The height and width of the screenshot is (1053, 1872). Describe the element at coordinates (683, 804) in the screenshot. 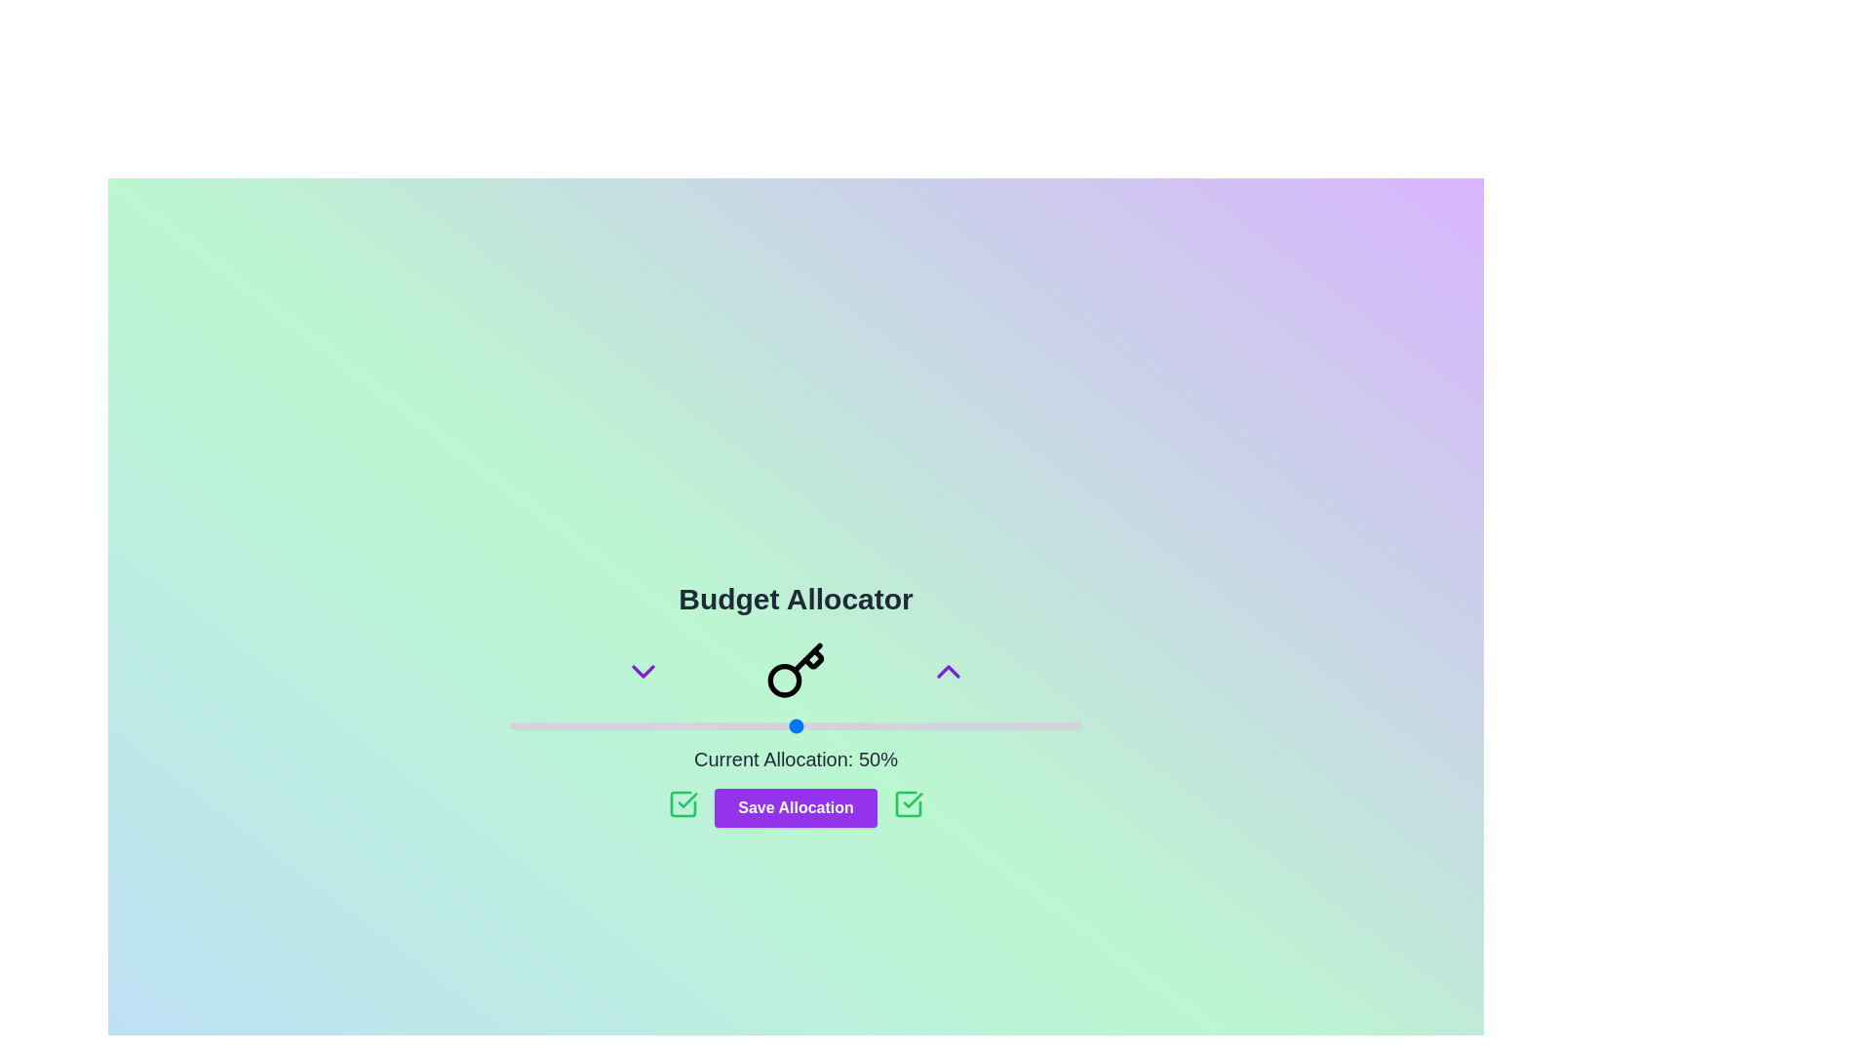

I see `the checkmark icon to toggle its state` at that location.